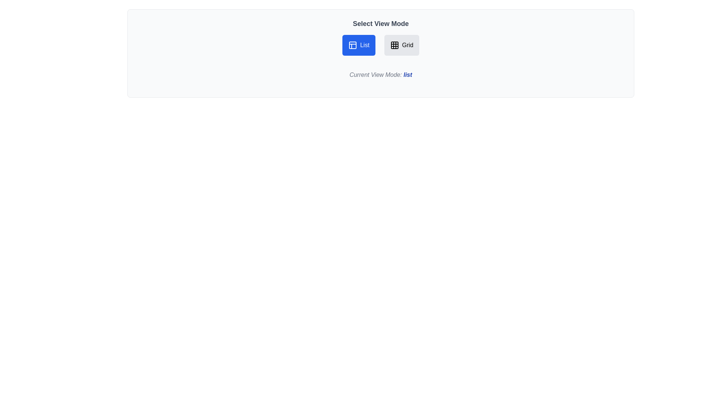 The image size is (713, 401). Describe the element at coordinates (401, 45) in the screenshot. I see `the 'Grid' button to toggle the view mode to 'Grid'` at that location.